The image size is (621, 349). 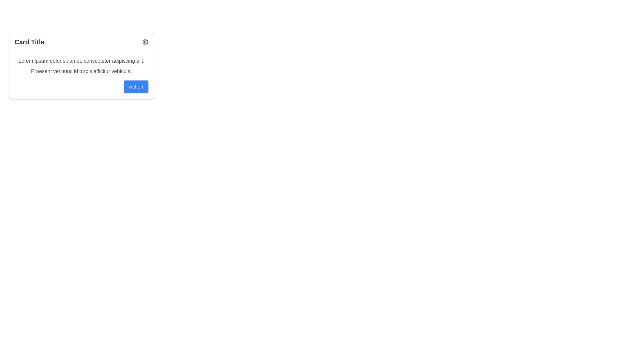 I want to click on descriptive text block located in the middle section of the card, positioned directly below the card title and above the action button, so click(x=81, y=63).